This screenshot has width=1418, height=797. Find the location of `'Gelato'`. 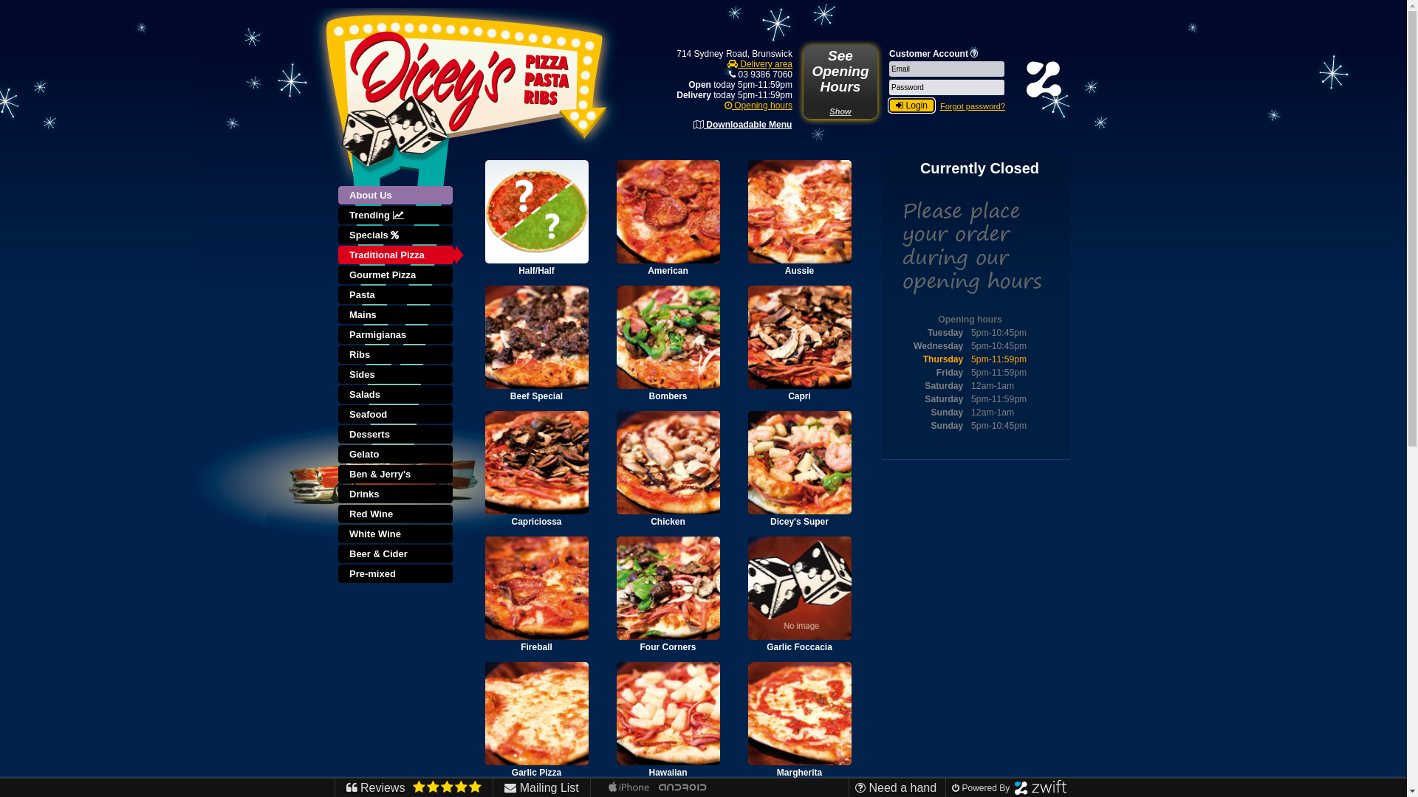

'Gelato' is located at coordinates (397, 454).